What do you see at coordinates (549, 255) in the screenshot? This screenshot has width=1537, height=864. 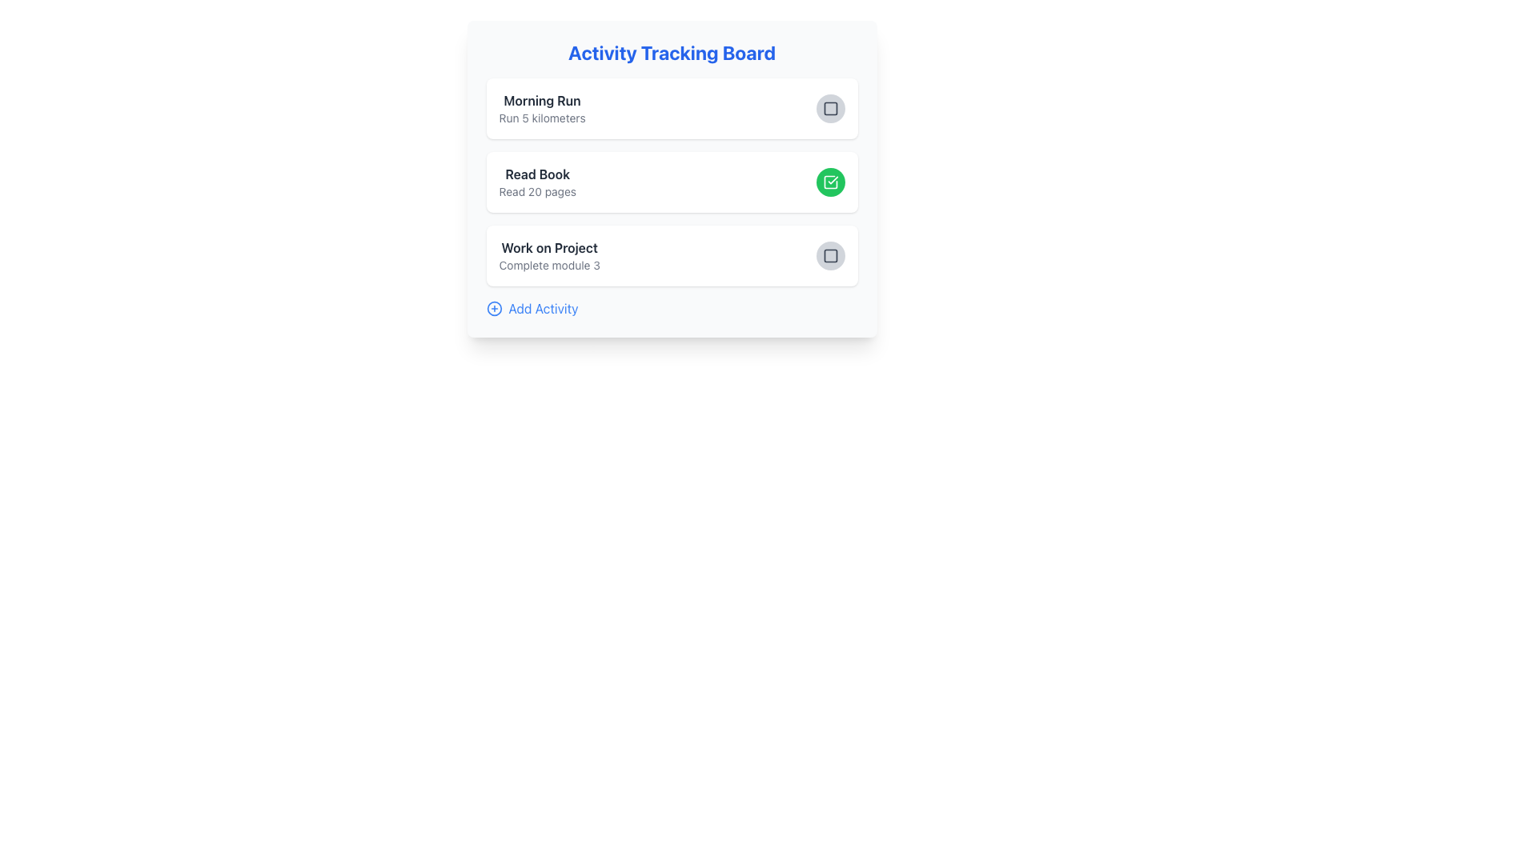 I see `text content displayed in the Text Display element that informs the user about 'Work on Project' and 'Complete module 3', located under the 'Activity Tracking Board'` at bounding box center [549, 255].